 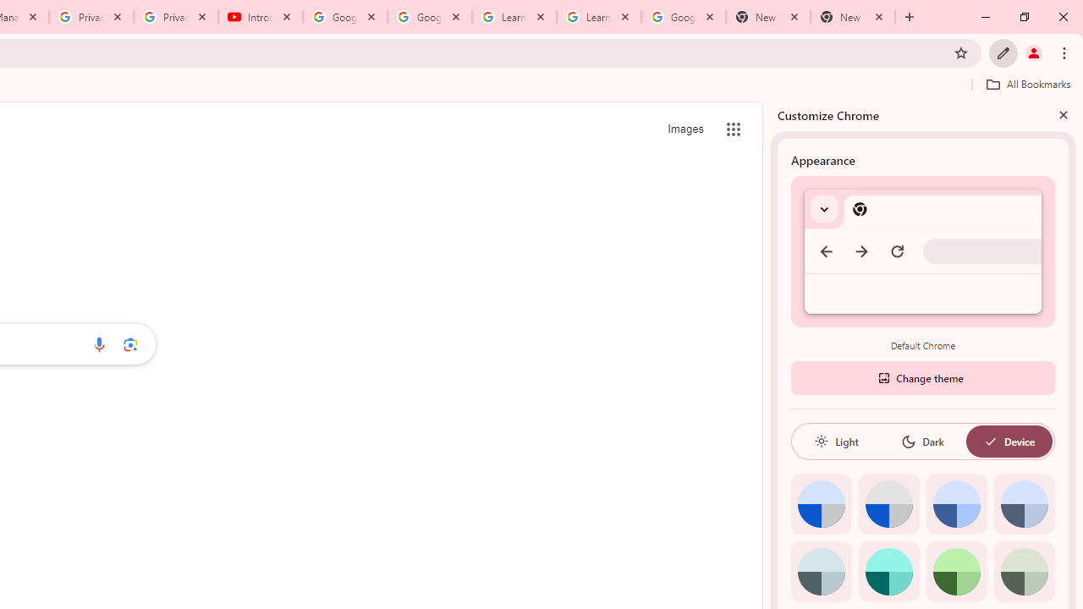 I want to click on 'Aqua', so click(x=888, y=571).